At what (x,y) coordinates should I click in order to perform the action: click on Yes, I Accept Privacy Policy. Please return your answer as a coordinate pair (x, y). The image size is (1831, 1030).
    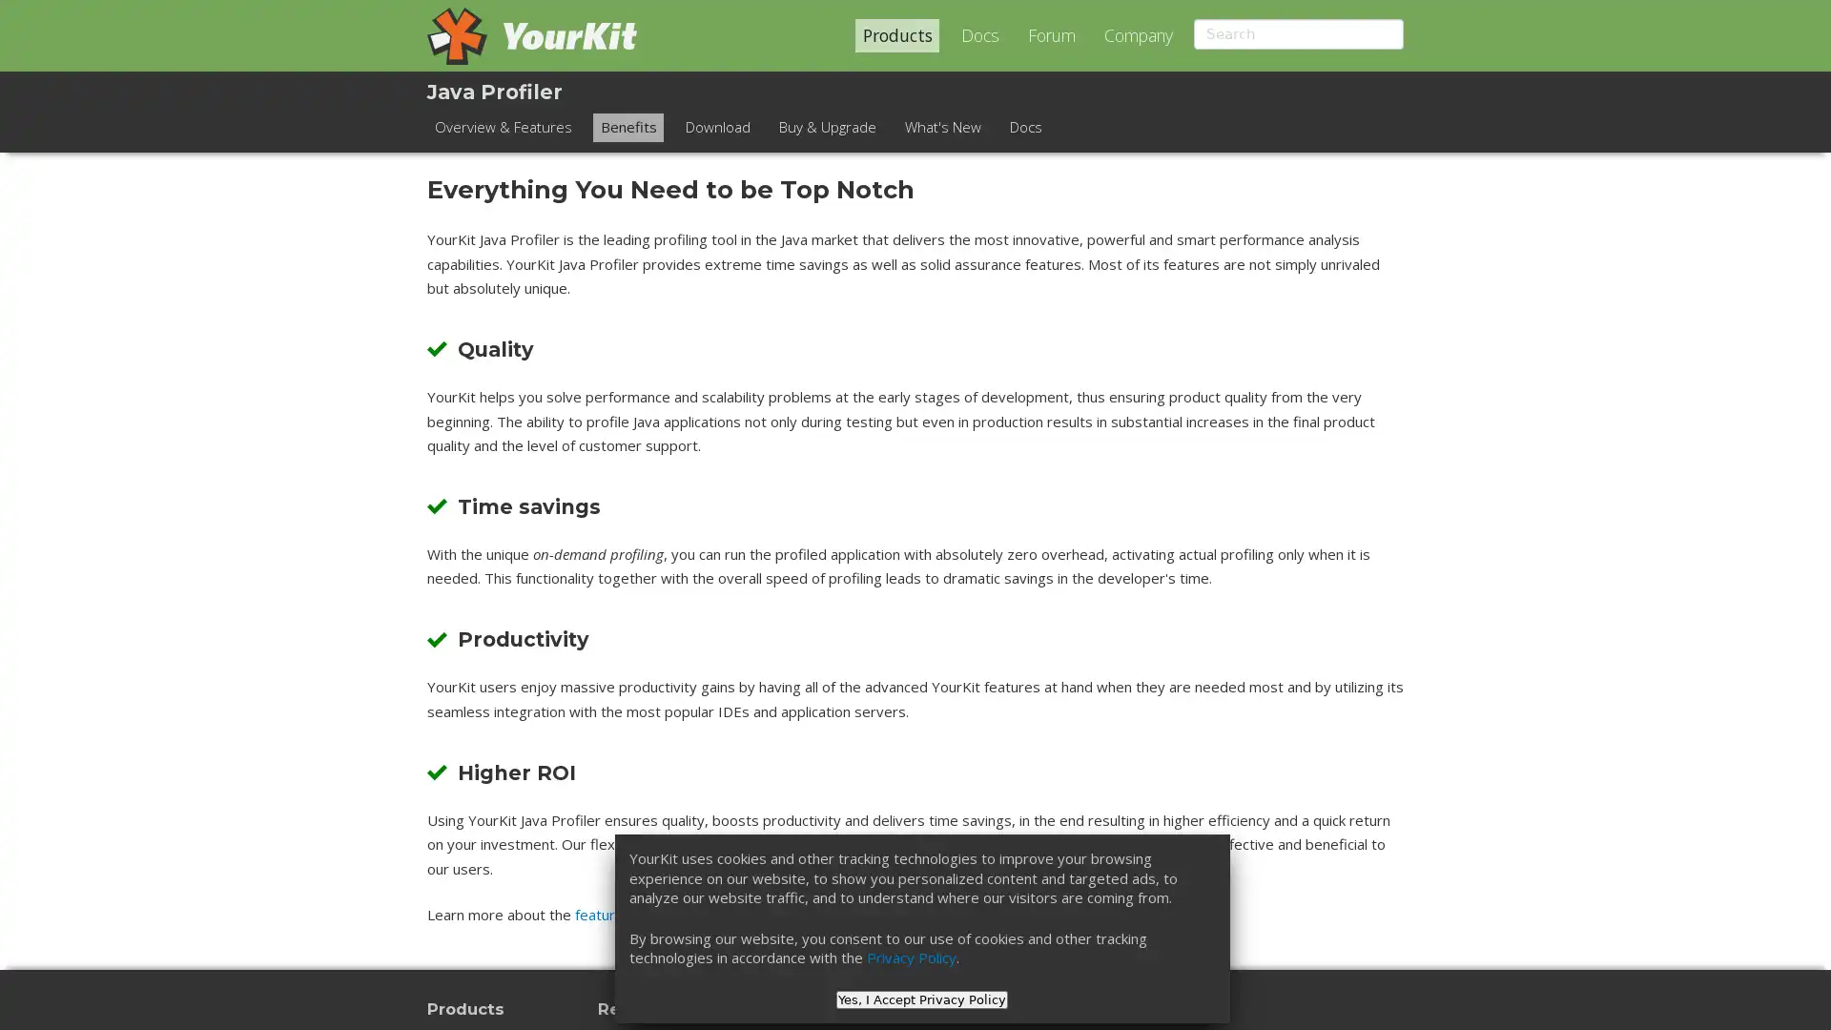
    Looking at the image, I should click on (921, 998).